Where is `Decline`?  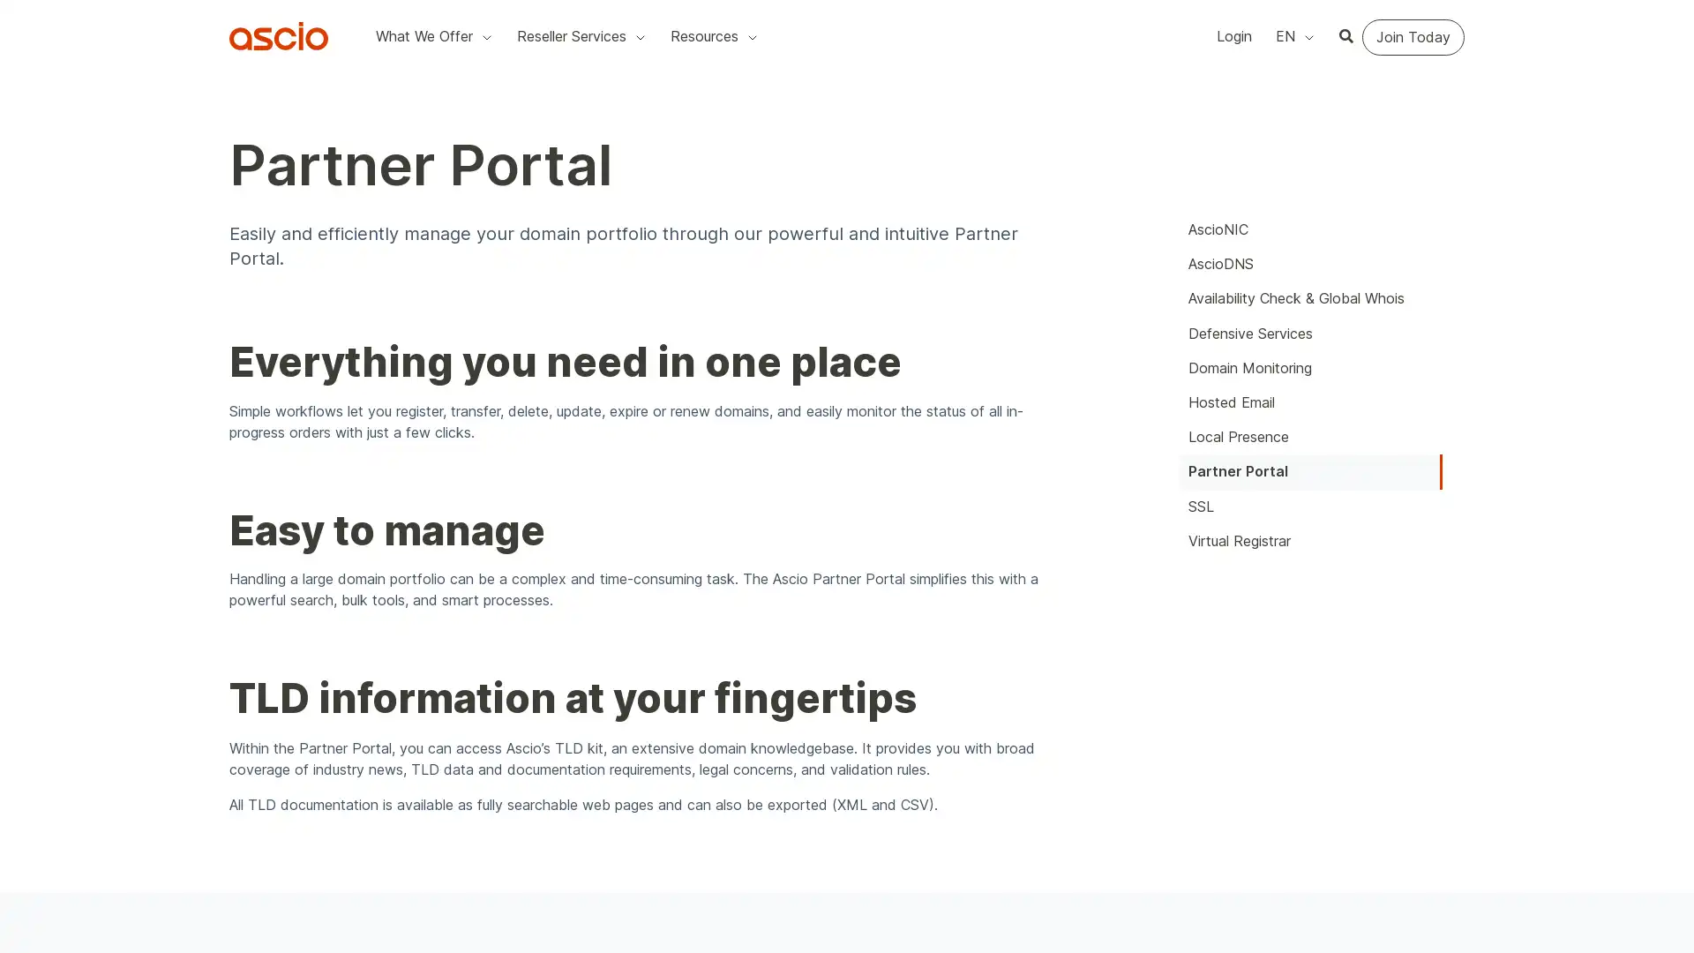
Decline is located at coordinates (1167, 141).